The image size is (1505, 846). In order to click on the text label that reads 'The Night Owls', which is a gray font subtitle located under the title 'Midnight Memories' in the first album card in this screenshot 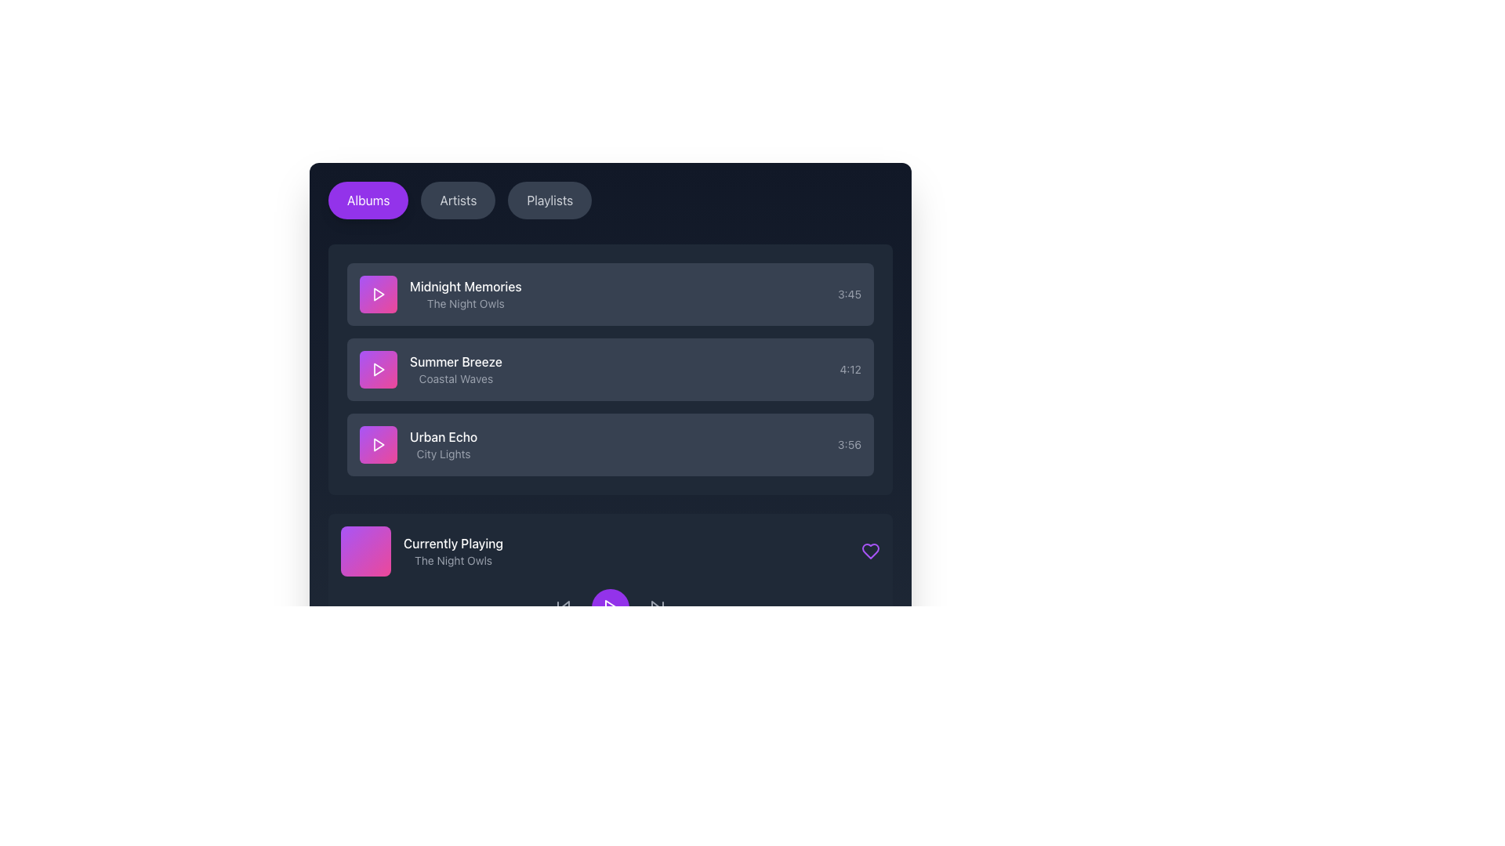, I will do `click(465, 304)`.